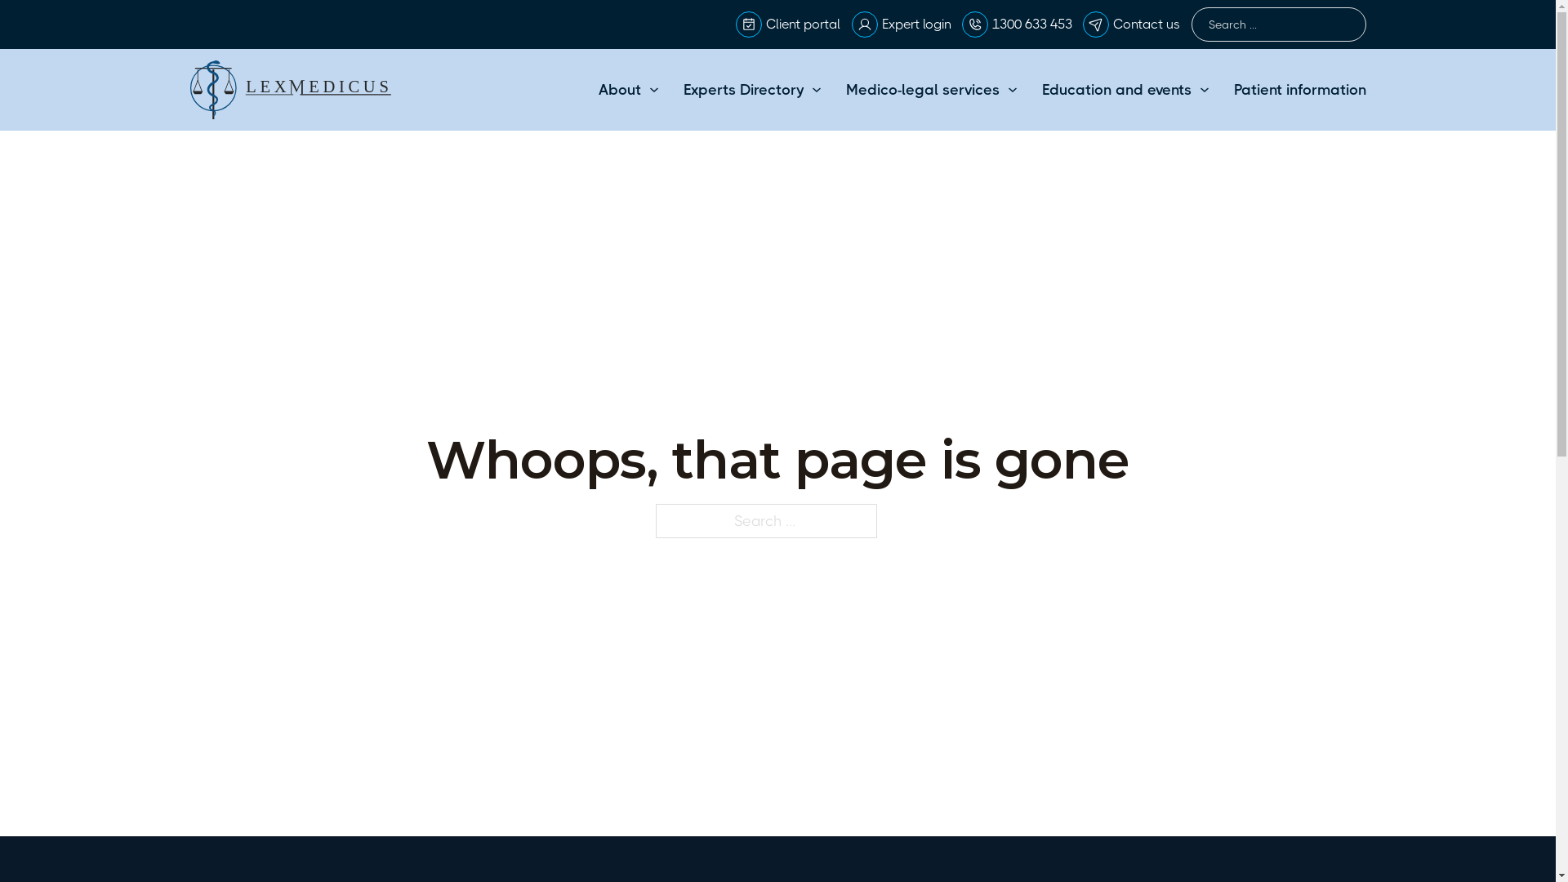 The height and width of the screenshot is (882, 1568). I want to click on 'About', so click(618, 89).